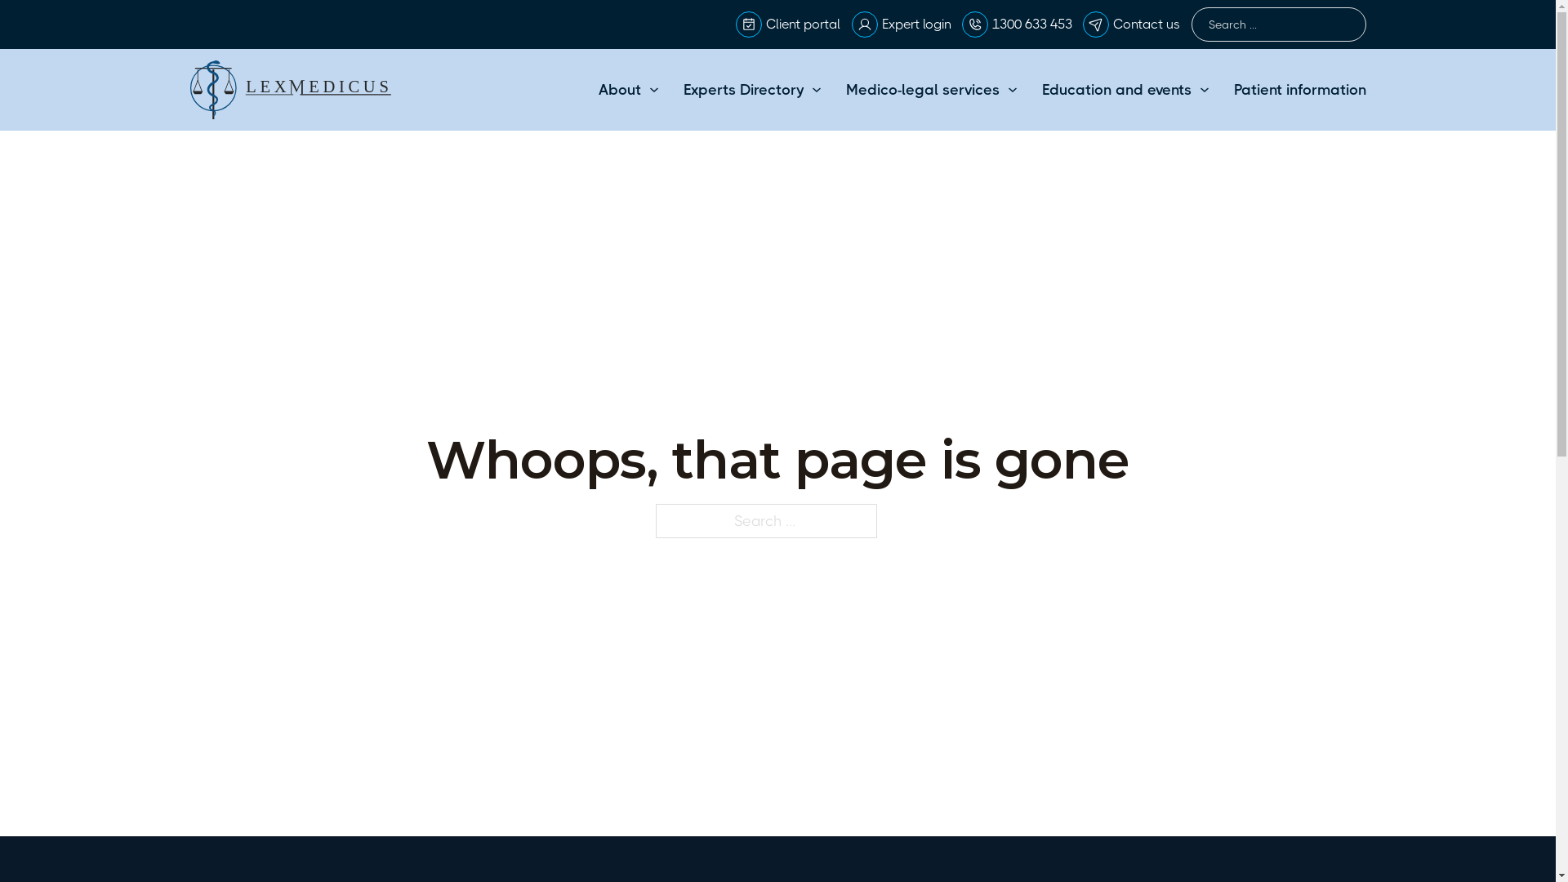 The height and width of the screenshot is (882, 1568). I want to click on 'About', so click(618, 89).